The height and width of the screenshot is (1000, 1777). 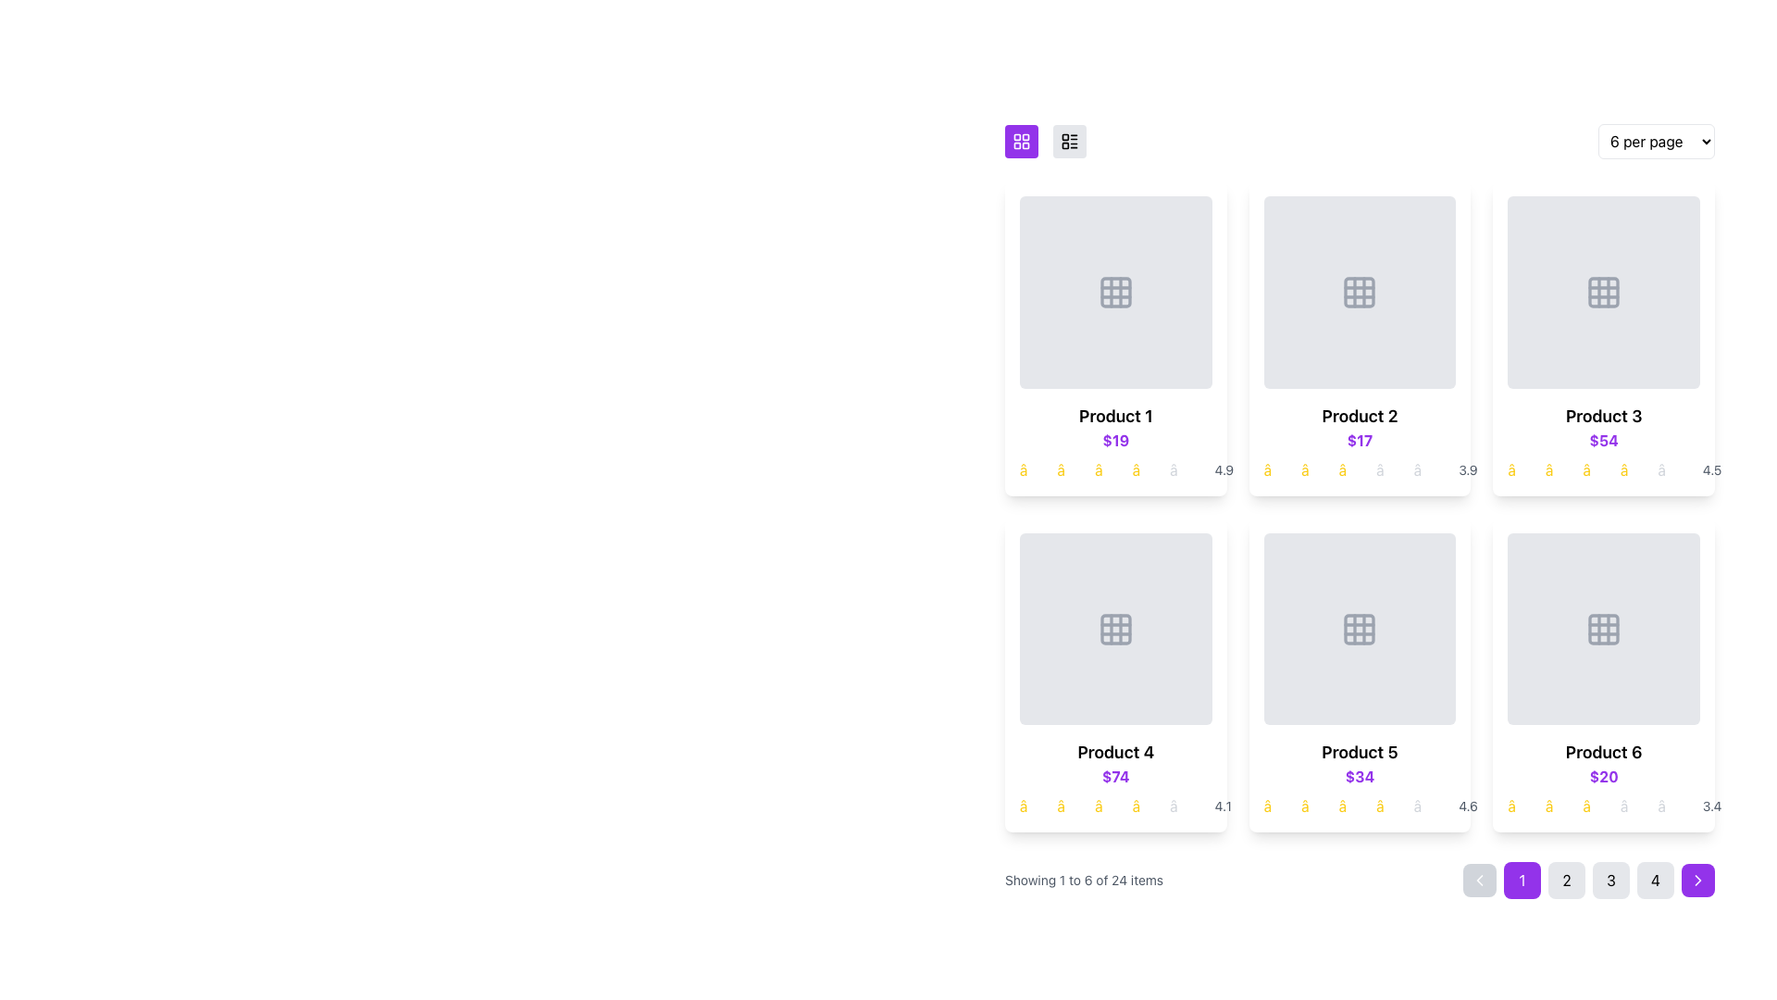 What do you see at coordinates (1045, 141) in the screenshot?
I see `the right toggle button in the view selection group, which is represented by a list design with three horizontal lines and three small squares` at bounding box center [1045, 141].